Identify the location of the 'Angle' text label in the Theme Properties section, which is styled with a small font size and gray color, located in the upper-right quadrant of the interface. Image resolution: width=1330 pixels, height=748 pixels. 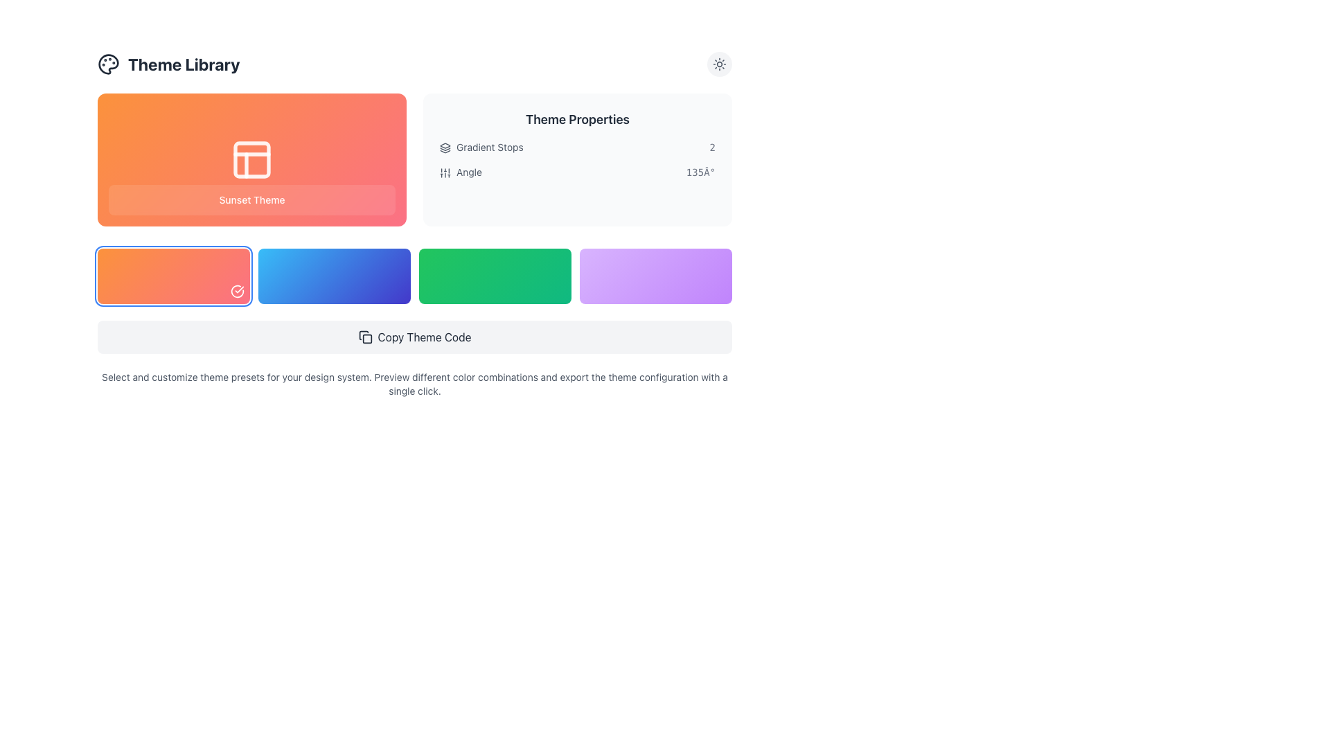
(461, 172).